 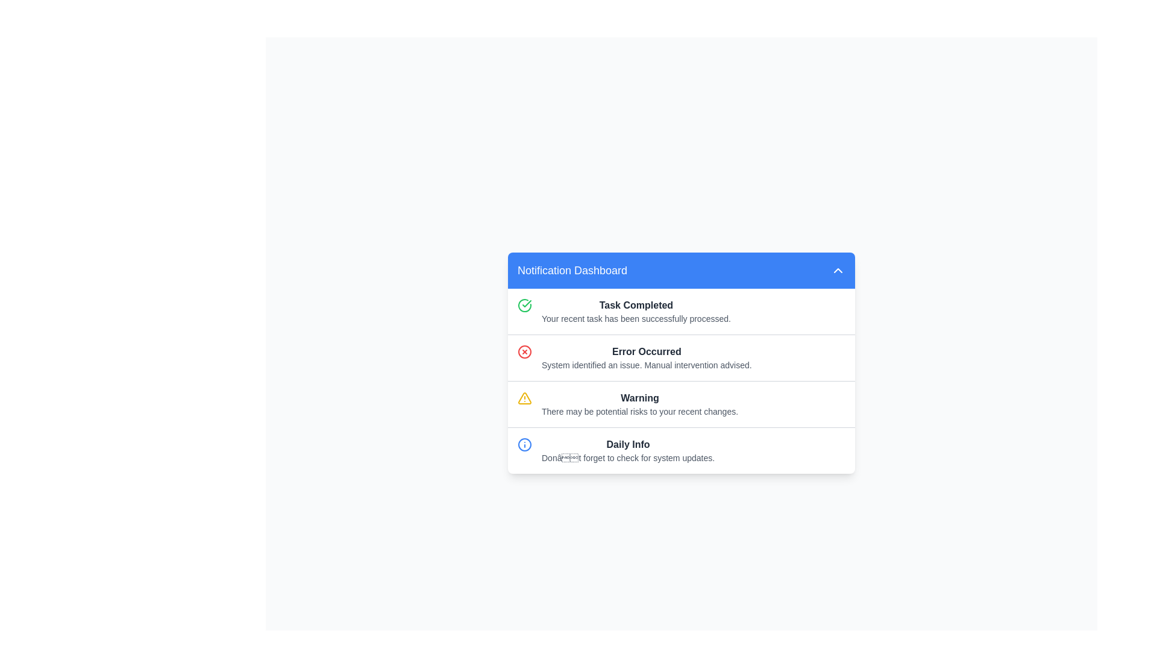 What do you see at coordinates (524, 351) in the screenshot?
I see `the Error or Dismissal Indicator icon located in the second row of the notification panel` at bounding box center [524, 351].